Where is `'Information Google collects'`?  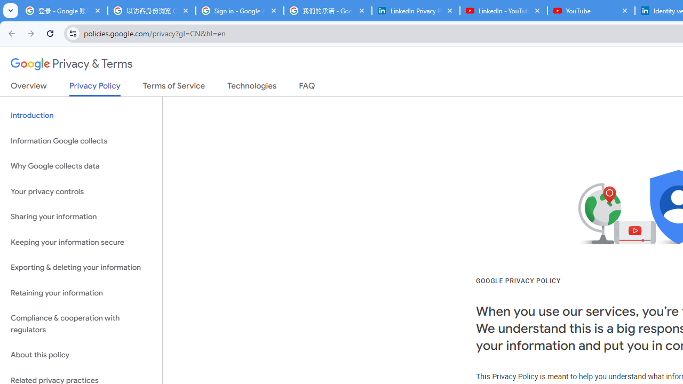
'Information Google collects' is located at coordinates (81, 140).